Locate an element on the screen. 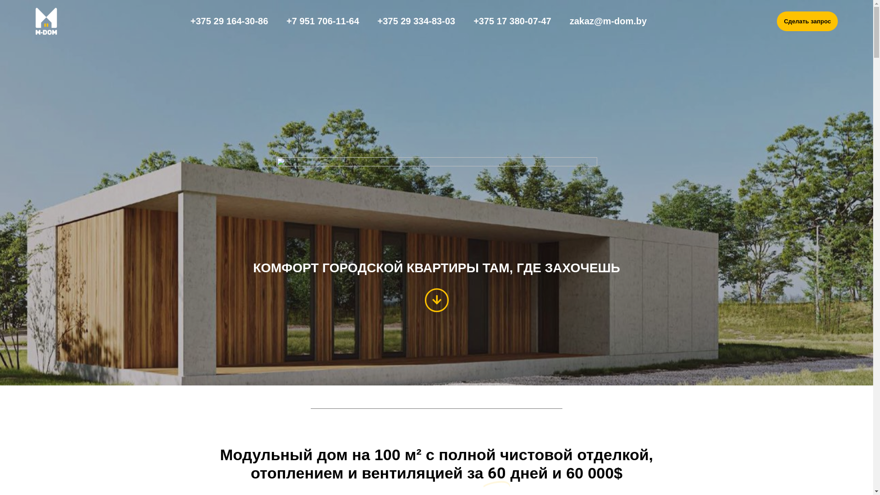 The height and width of the screenshot is (495, 880). '+7 951 706-11-64' is located at coordinates (323, 21).